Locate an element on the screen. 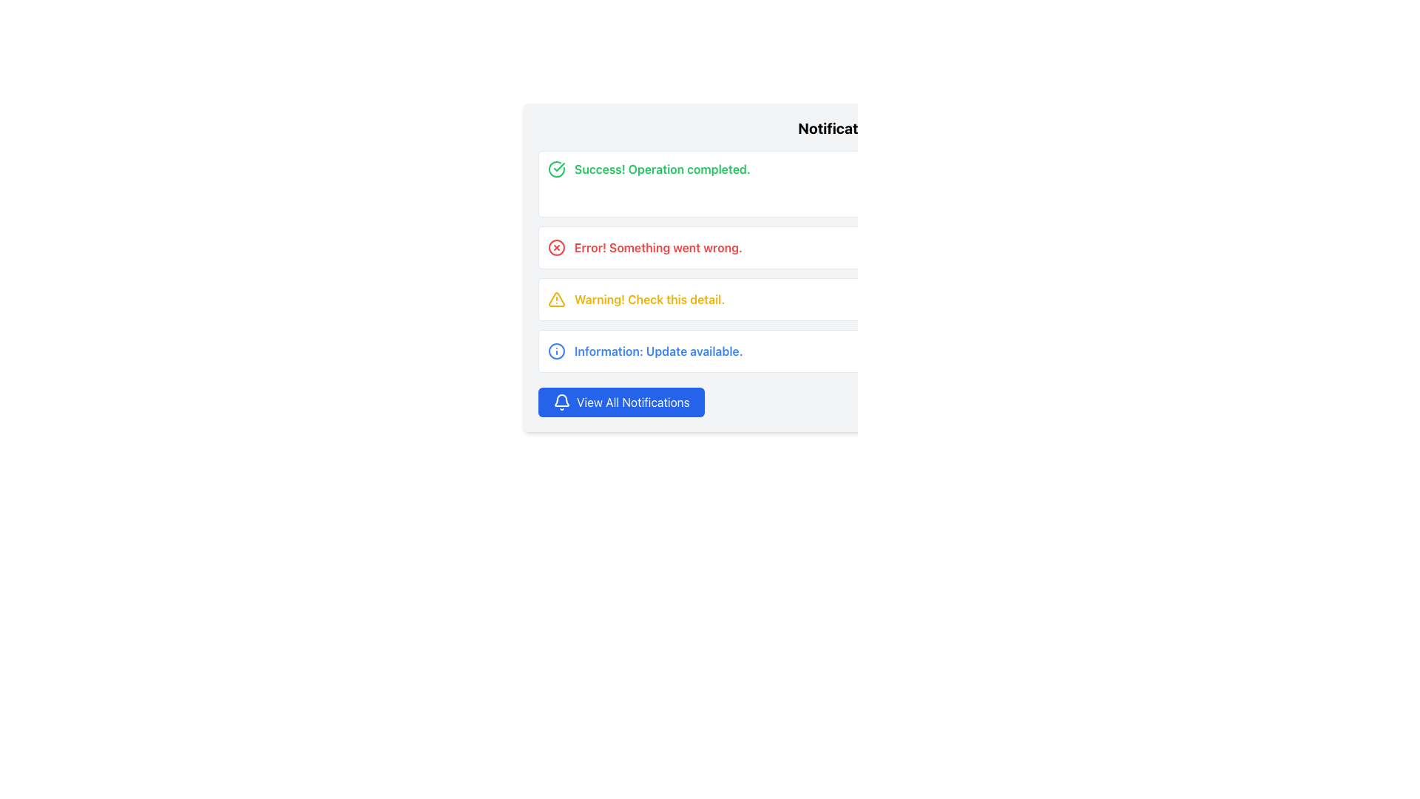 The height and width of the screenshot is (799, 1420). the notification box displaying the warning message 'Warning! Check this detail.' is located at coordinates (879, 300).